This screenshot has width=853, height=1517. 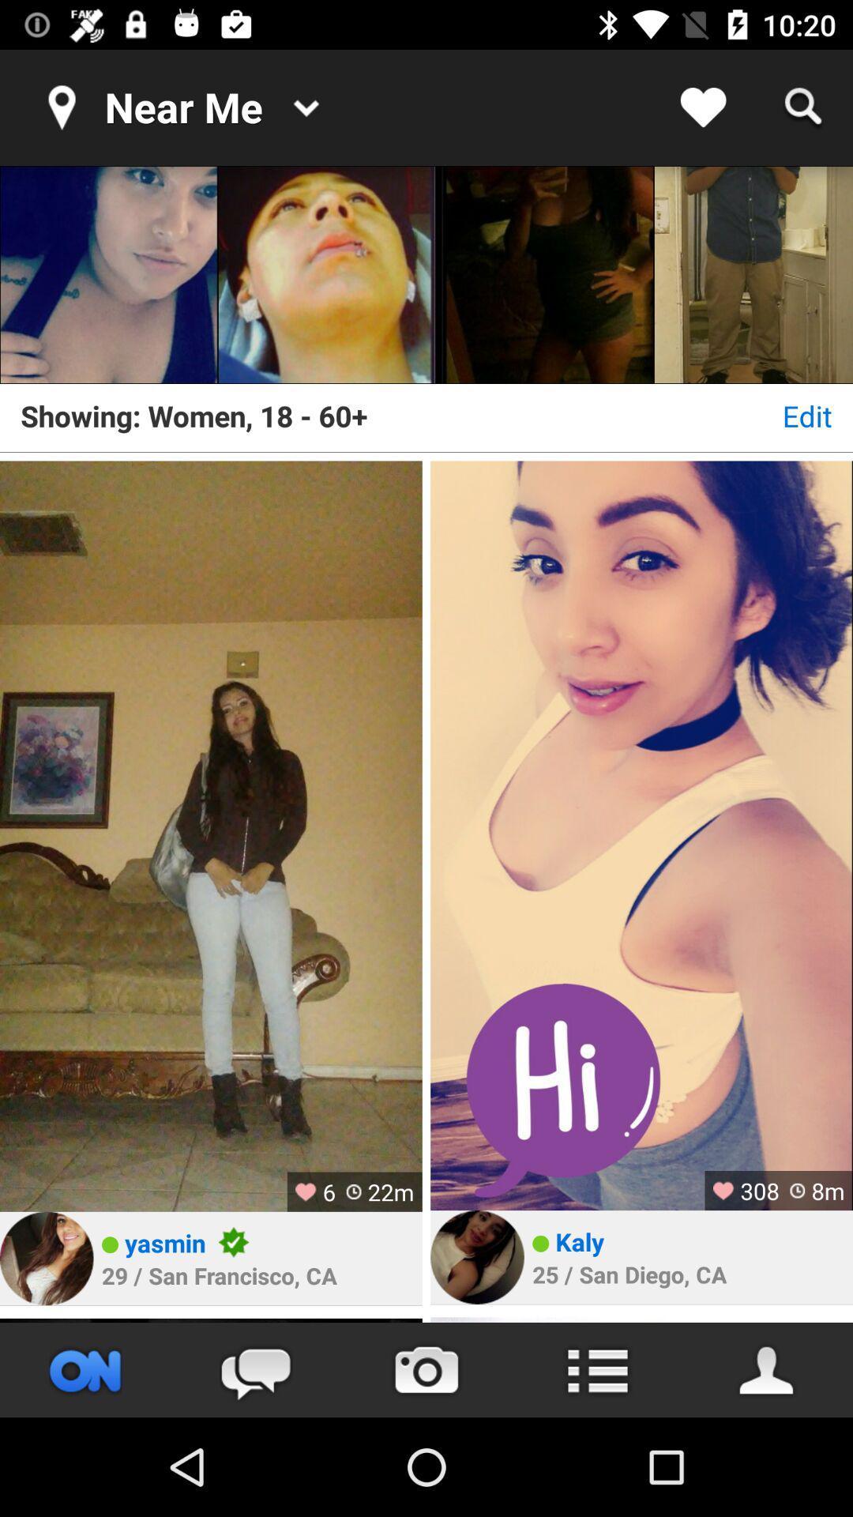 What do you see at coordinates (255, 1369) in the screenshot?
I see `chat` at bounding box center [255, 1369].